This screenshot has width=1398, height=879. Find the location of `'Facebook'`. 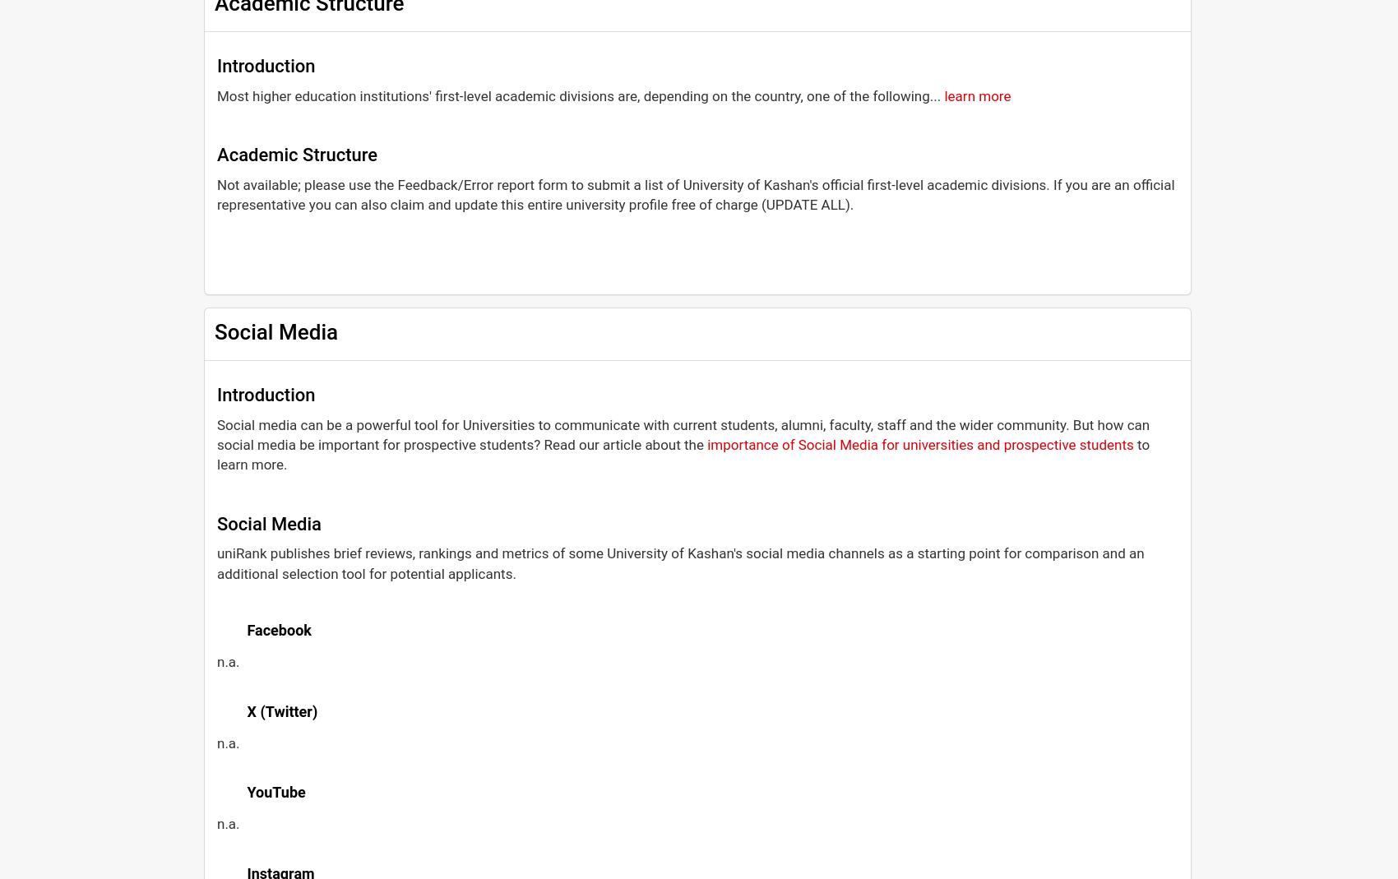

'Facebook' is located at coordinates (277, 630).